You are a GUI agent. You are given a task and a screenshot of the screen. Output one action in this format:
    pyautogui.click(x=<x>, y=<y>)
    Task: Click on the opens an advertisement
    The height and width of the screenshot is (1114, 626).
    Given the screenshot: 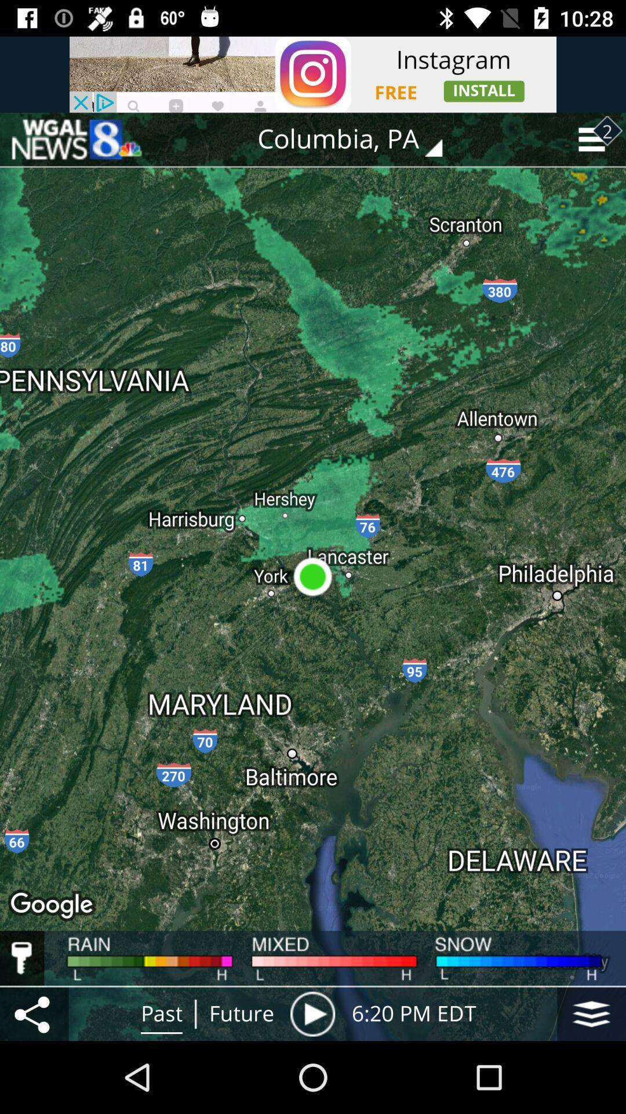 What is the action you would take?
    pyautogui.click(x=313, y=74)
    